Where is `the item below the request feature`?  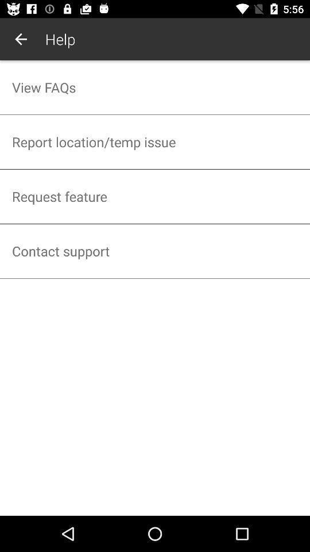 the item below the request feature is located at coordinates (155, 251).